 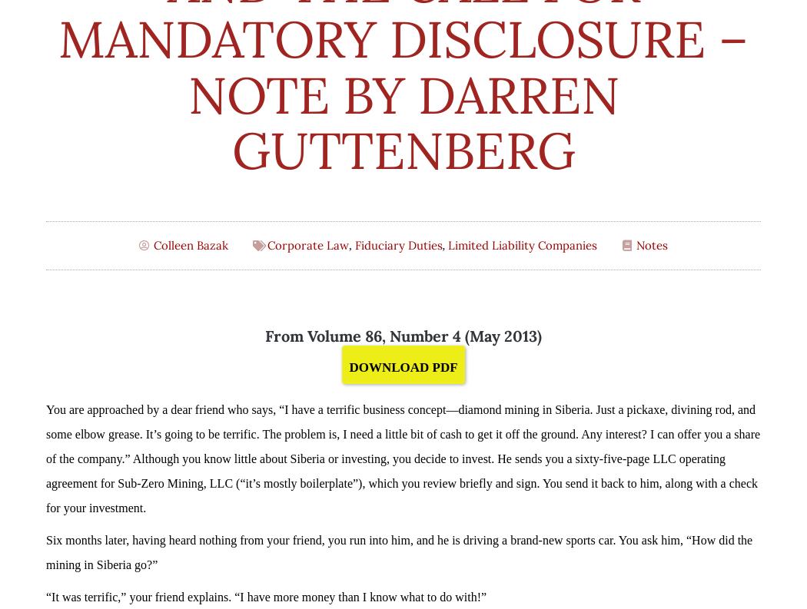 I want to click on 'Six months later, having heard nothing from your friend, you run into him, and he is driving a brand-new sports car. You ask him, “How did the mining in Siberia go?”', so click(x=398, y=551).